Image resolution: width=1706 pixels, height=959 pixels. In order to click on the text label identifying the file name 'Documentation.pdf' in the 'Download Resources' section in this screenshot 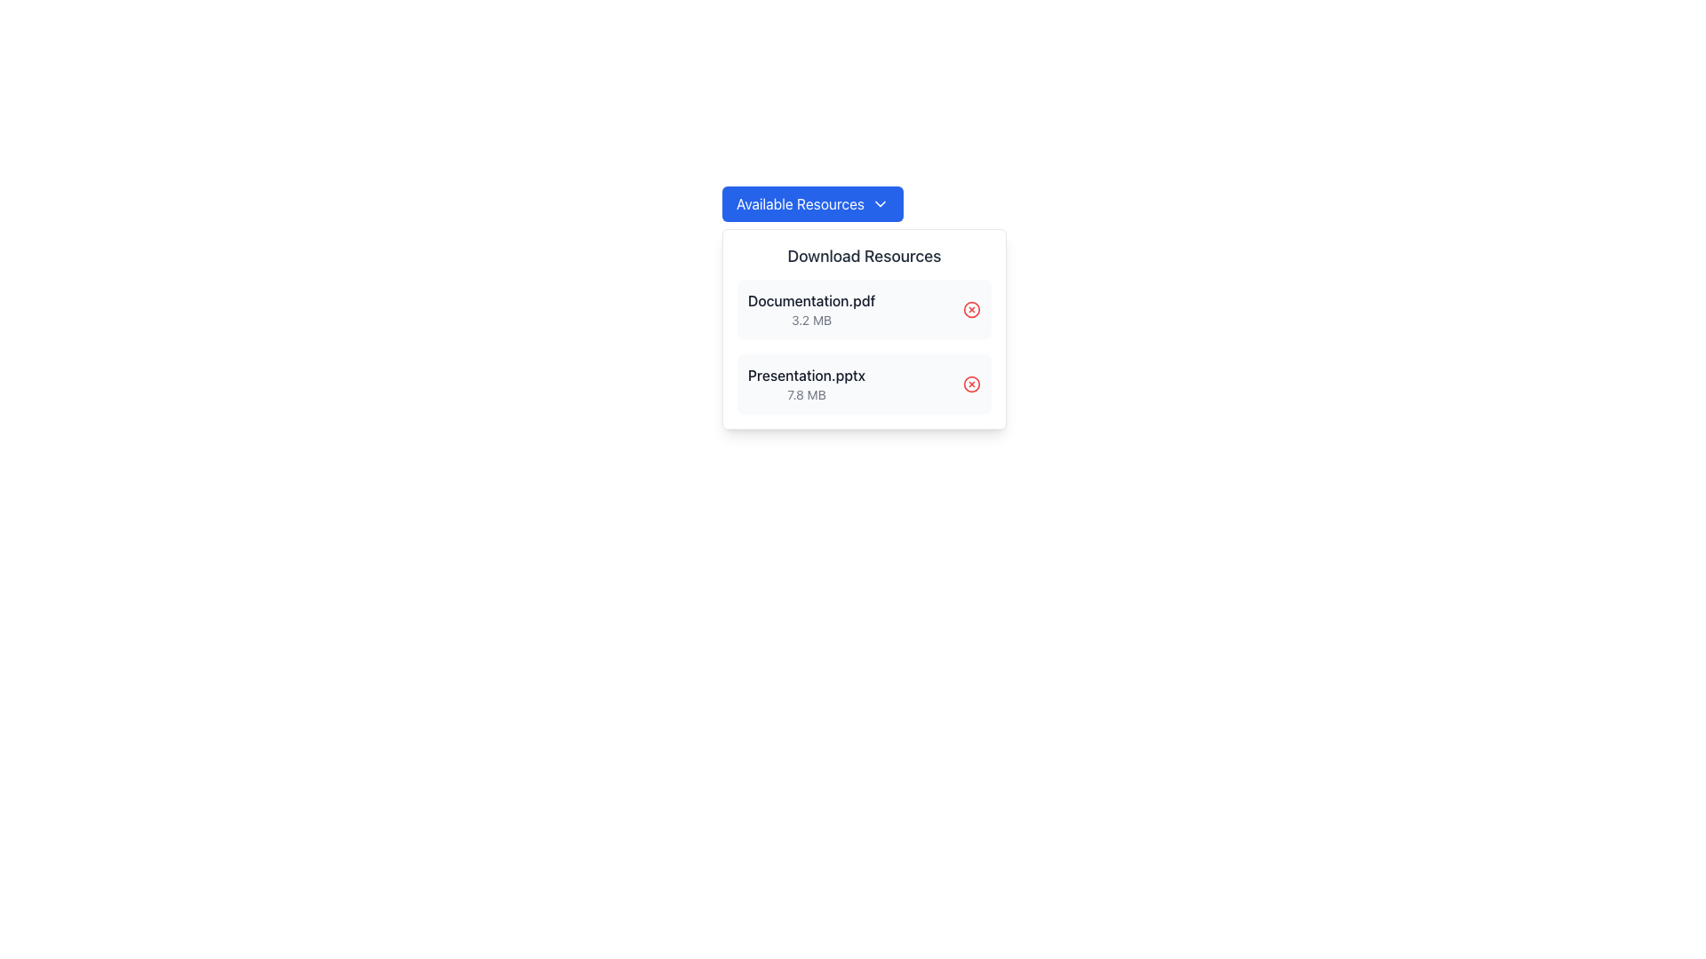, I will do `click(810, 300)`.